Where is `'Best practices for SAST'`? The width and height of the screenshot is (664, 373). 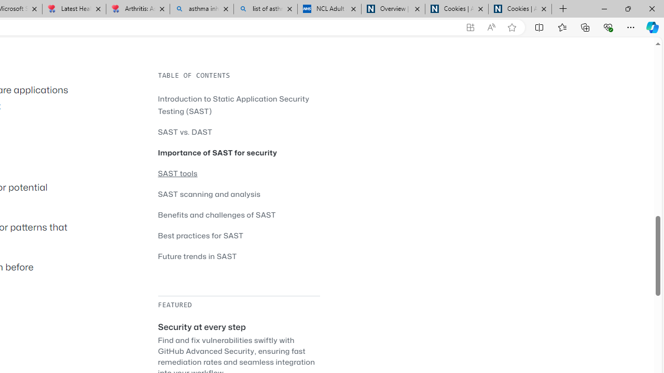
'Best practices for SAST' is located at coordinates (238, 235).